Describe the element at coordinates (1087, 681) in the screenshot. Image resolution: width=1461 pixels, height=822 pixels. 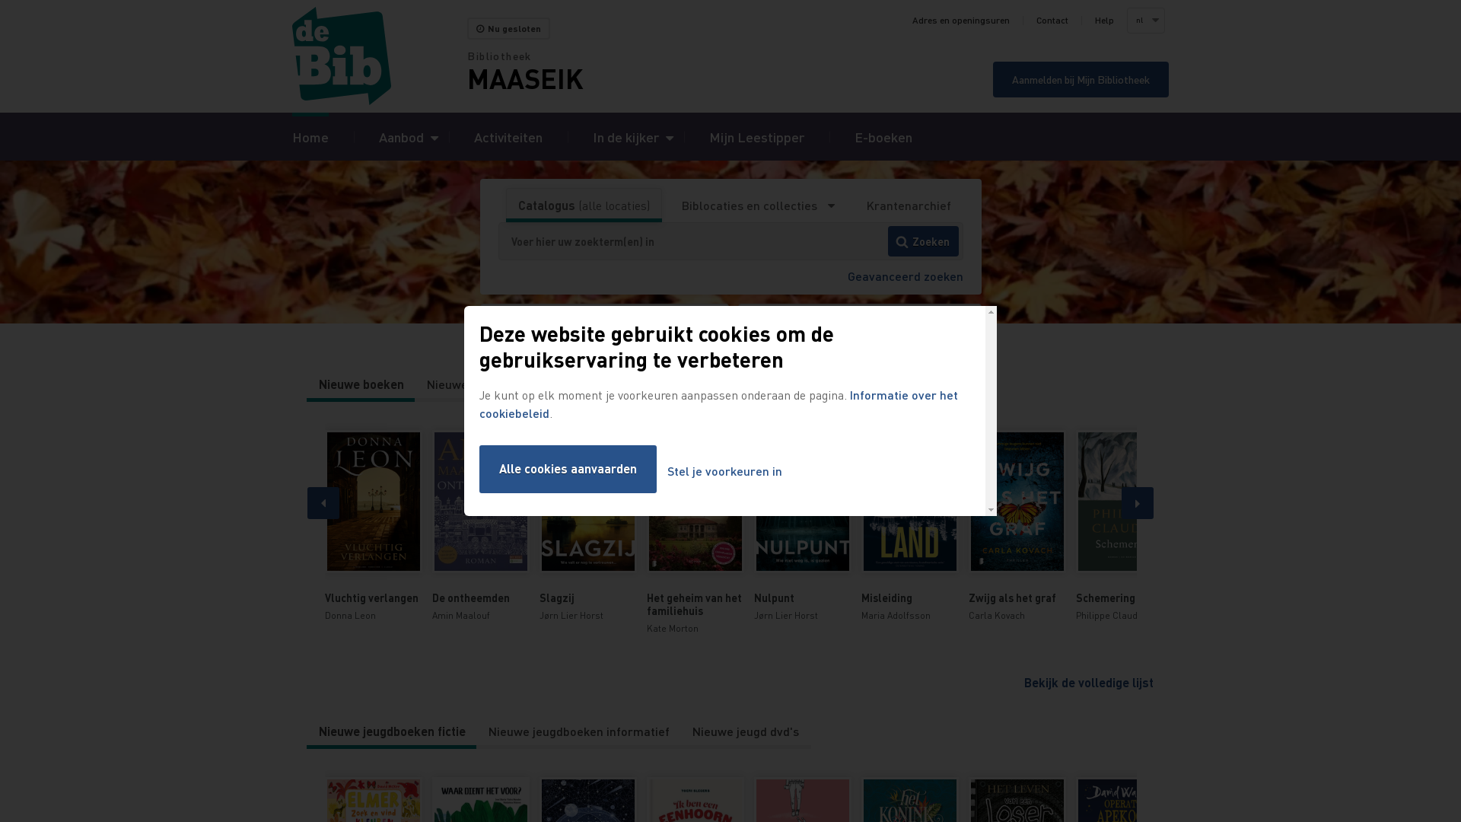
I see `'Bekijk de volledige lijst'` at that location.